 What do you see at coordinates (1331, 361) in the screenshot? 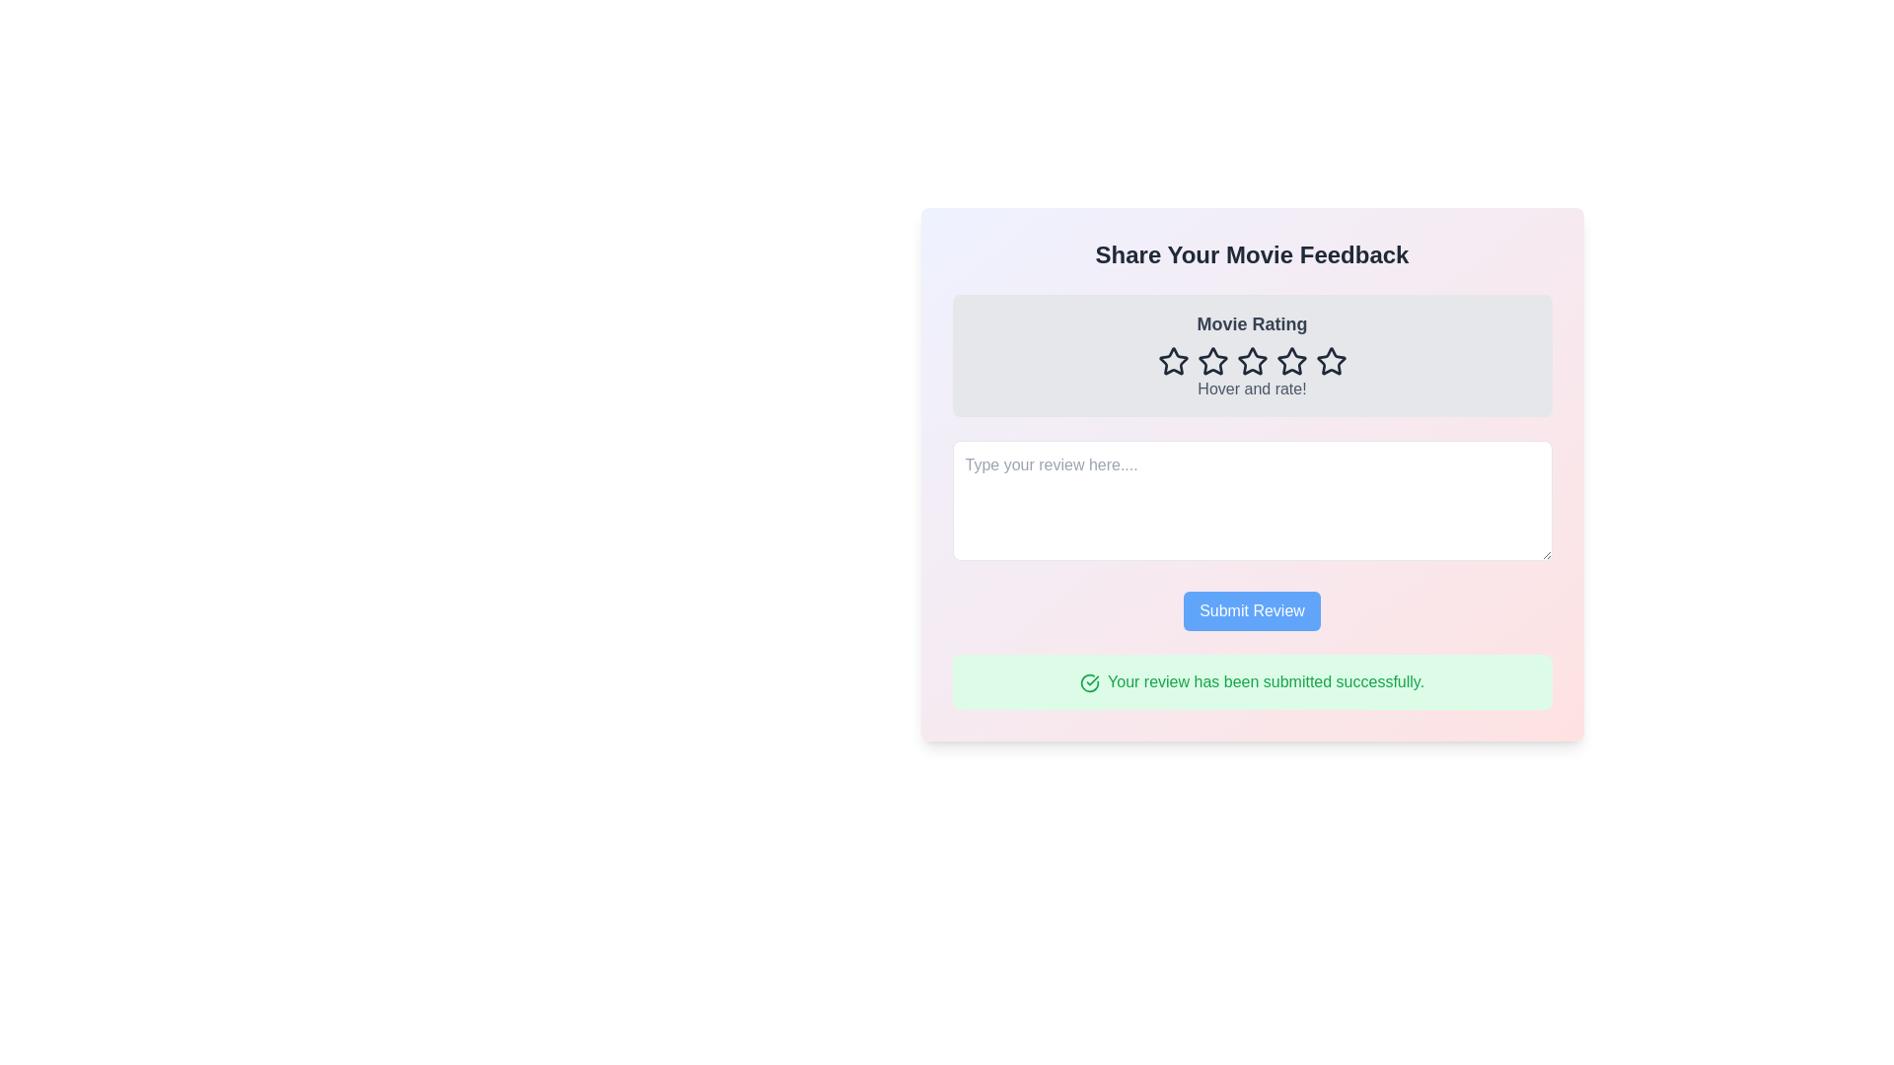
I see `the fifth star icon in the row of rating stars to give a 5-star rating` at bounding box center [1331, 361].